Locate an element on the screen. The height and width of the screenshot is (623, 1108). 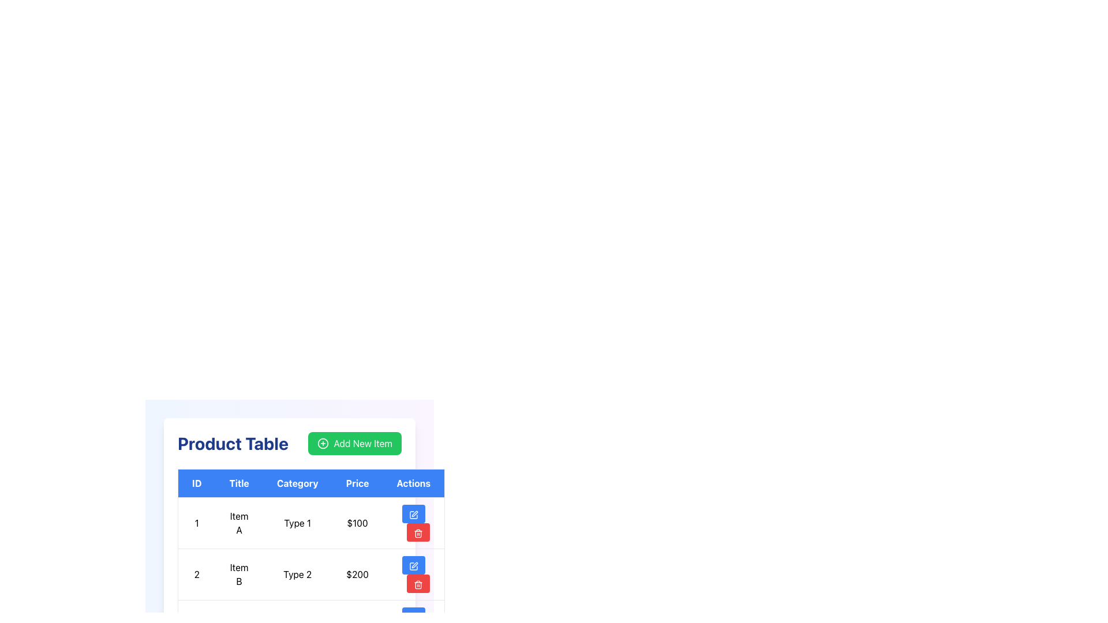
the red delete button with a white trash bin icon located in the second row of the product table's Actions column is located at coordinates (417, 532).